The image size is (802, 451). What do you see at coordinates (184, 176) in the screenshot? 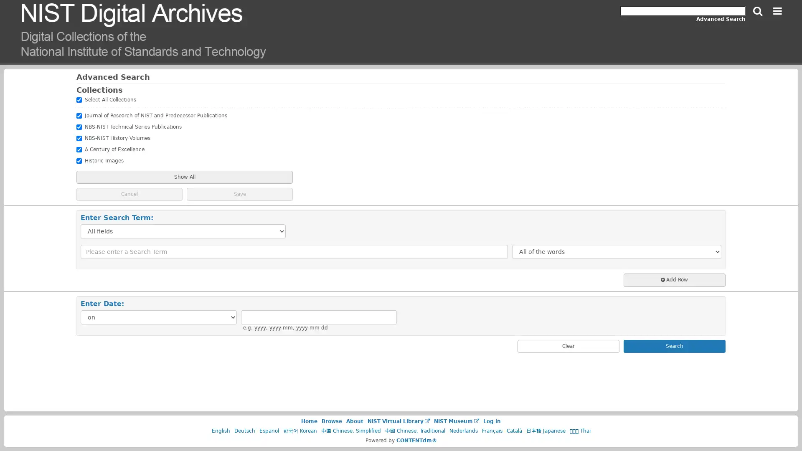
I see `Show All` at bounding box center [184, 176].